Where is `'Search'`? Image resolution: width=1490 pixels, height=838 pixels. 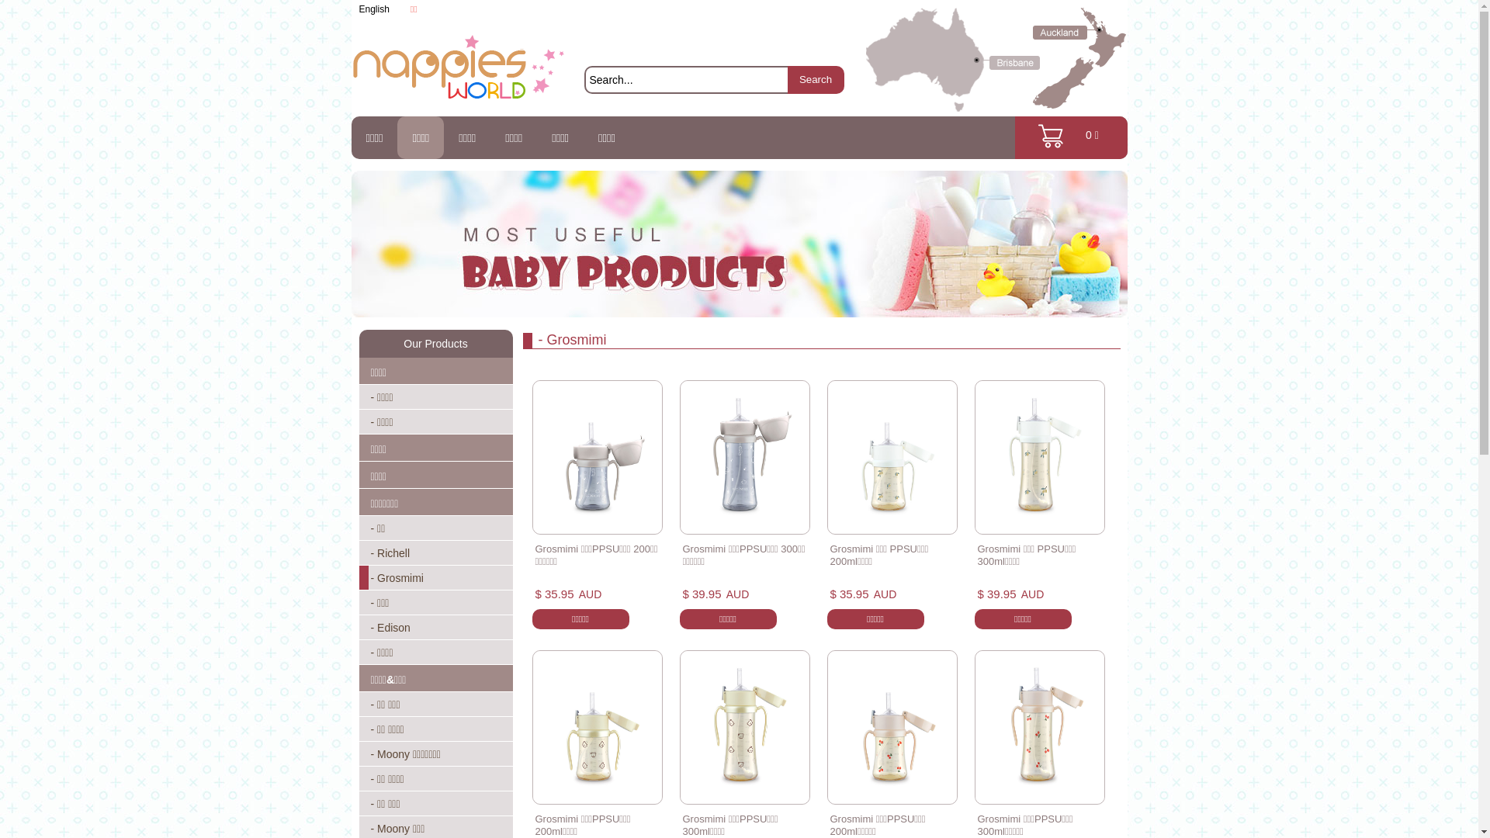 'Search' is located at coordinates (814, 80).